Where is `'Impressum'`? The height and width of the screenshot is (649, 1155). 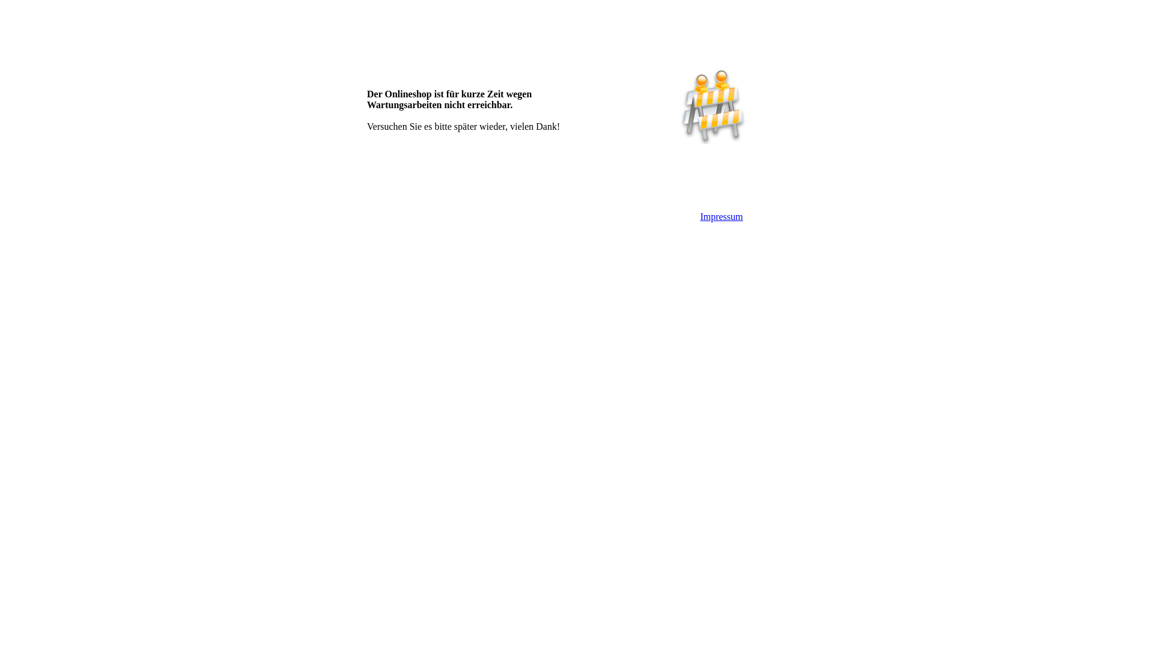
'Impressum' is located at coordinates (700, 216).